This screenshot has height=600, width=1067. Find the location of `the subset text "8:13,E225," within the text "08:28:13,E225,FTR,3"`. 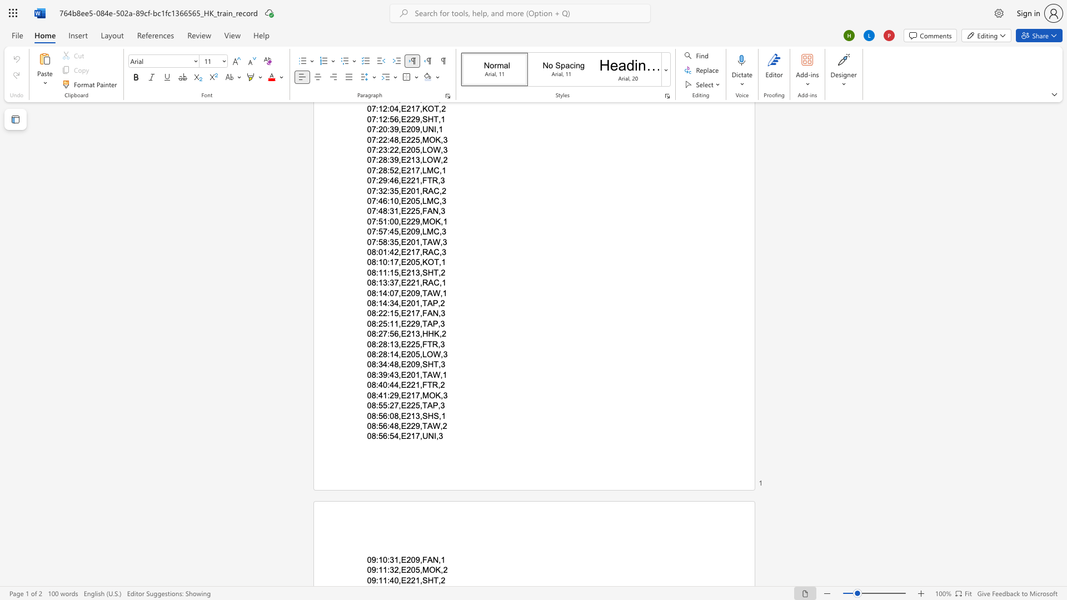

the subset text "8:13,E225," within the text "08:28:13,E225,FTR,3" is located at coordinates (383, 343).